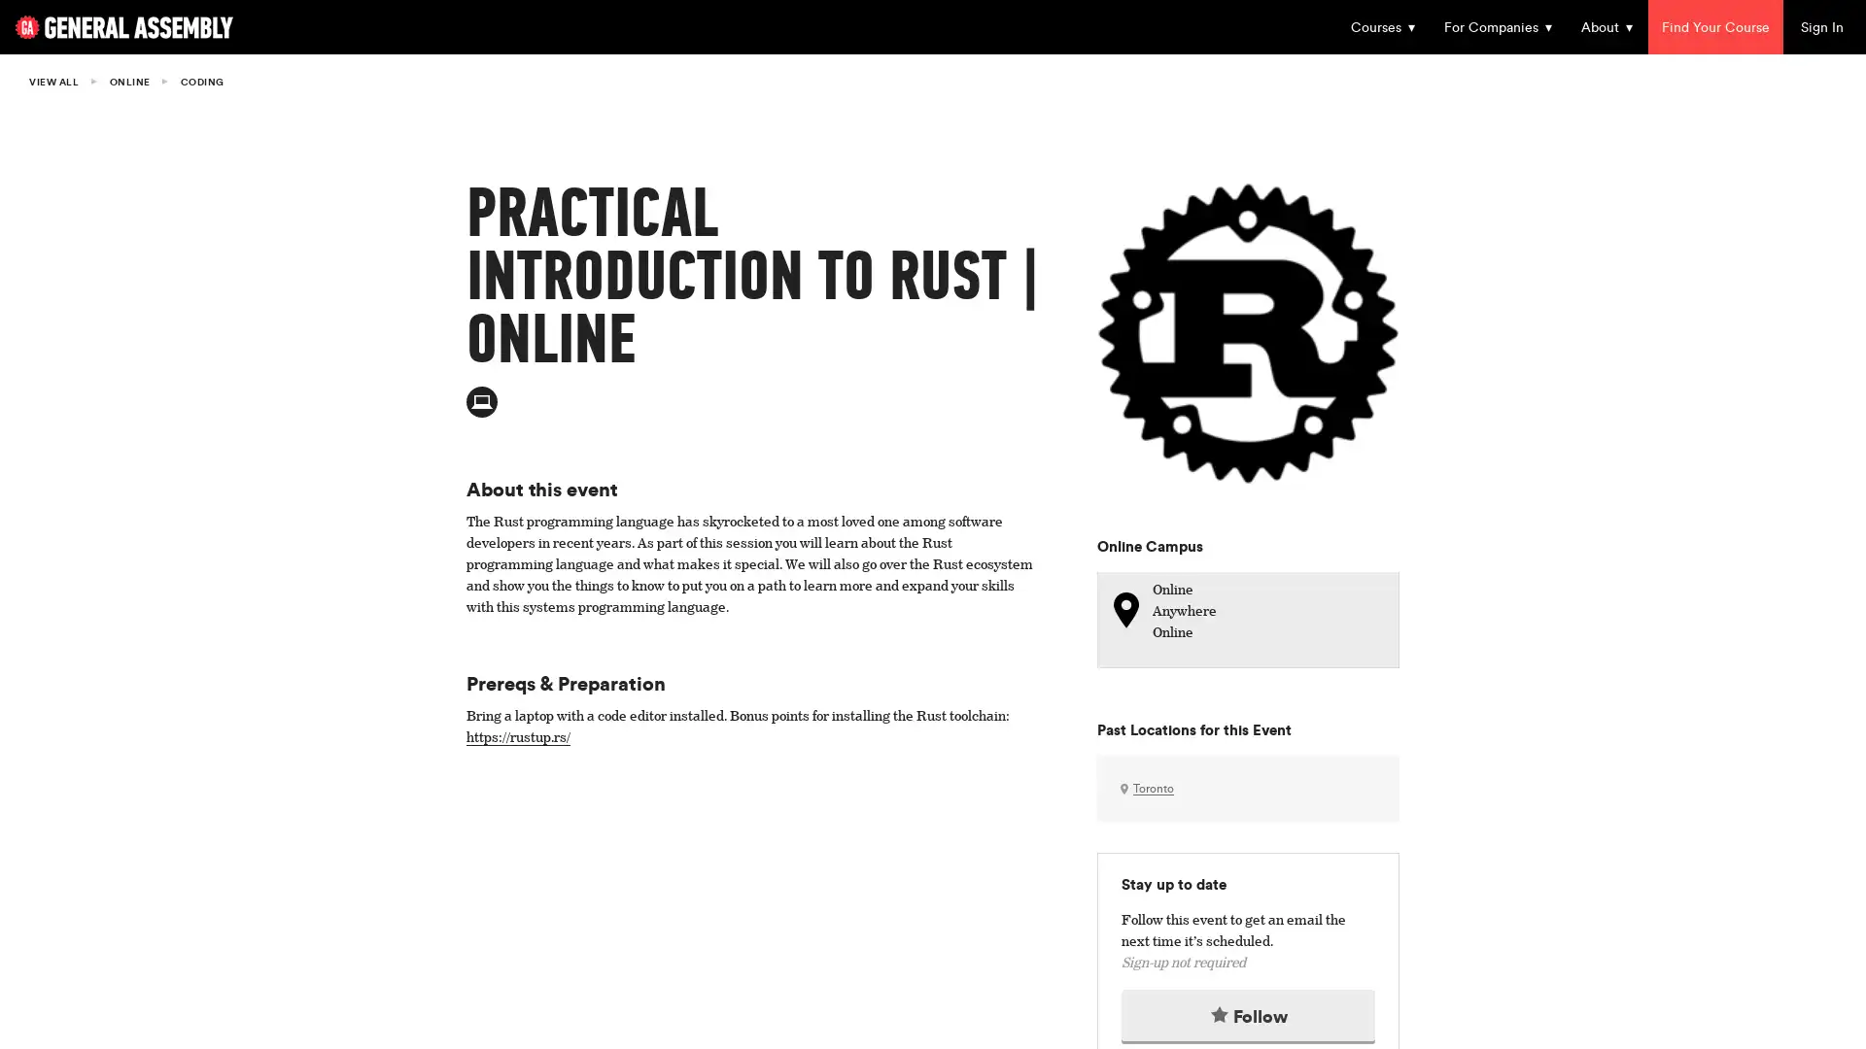 The image size is (1866, 1049). What do you see at coordinates (787, 590) in the screenshot?
I see `Subscribe + Save` at bounding box center [787, 590].